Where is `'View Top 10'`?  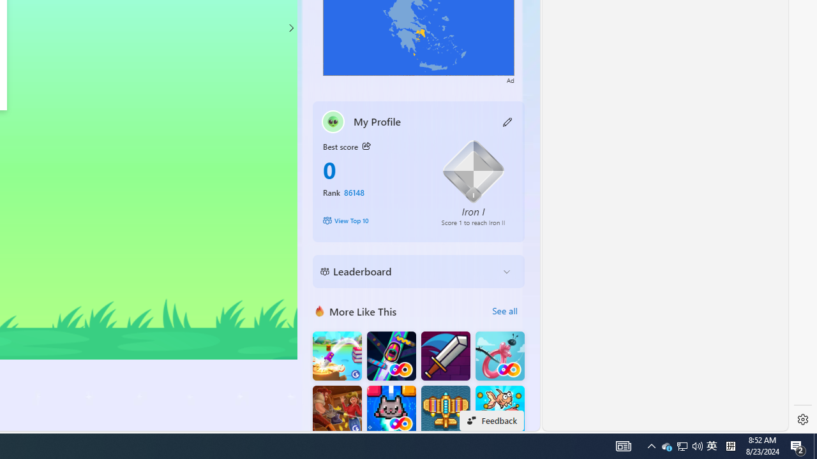 'View Top 10' is located at coordinates (372, 219).